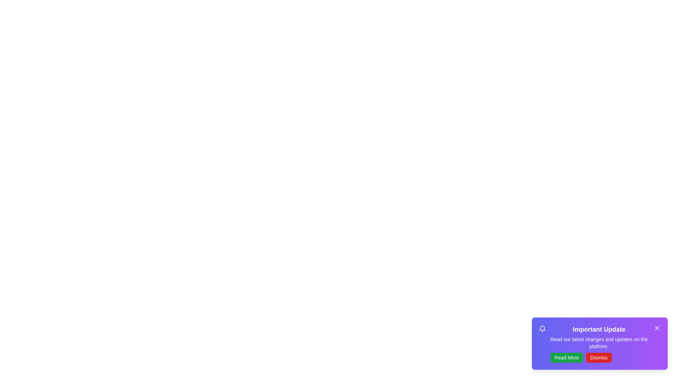 The image size is (679, 381). Describe the element at coordinates (598, 358) in the screenshot. I see `the 'Dismiss' button to dismiss the notification` at that location.